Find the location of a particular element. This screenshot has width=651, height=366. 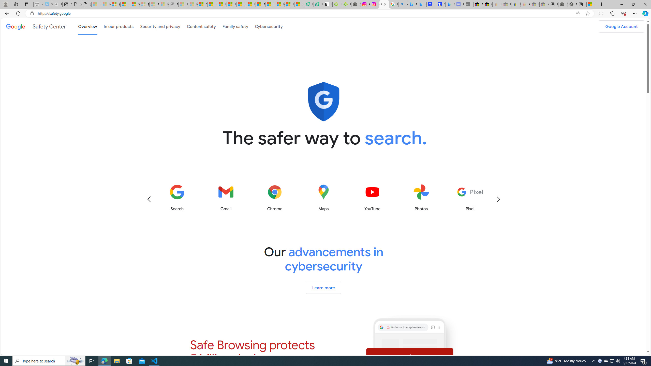

'Family safety' is located at coordinates (235, 26).